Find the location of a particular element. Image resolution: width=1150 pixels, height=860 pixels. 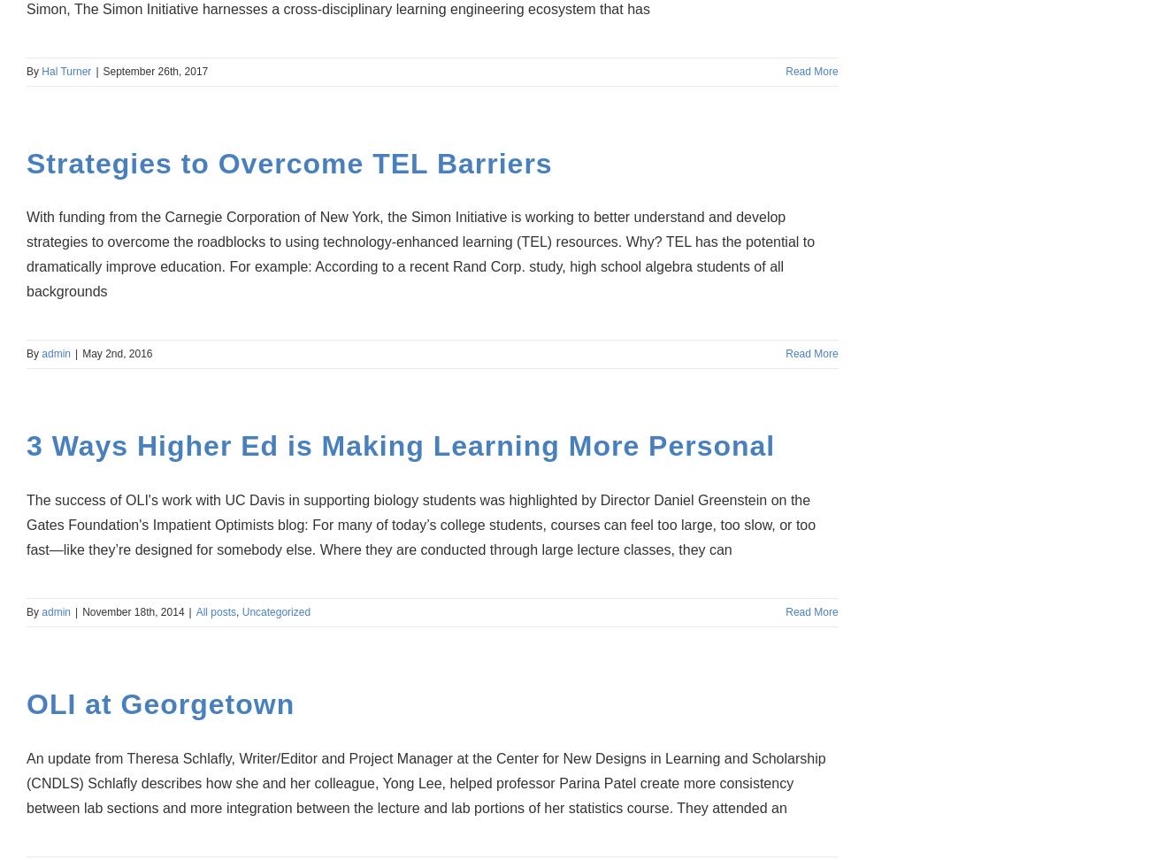

'With funding from the Carnegie Corporation of New York, the Simon Initiative is working to better understand and develop strategies to overcome the roadblocks to using technology-enhanced learning (TEL) resources. Why? TEL has the potential to dramatically improve education. For example: According to a recent Rand Corp. study, high school algebra students of all backgrounds' is located at coordinates (26, 254).